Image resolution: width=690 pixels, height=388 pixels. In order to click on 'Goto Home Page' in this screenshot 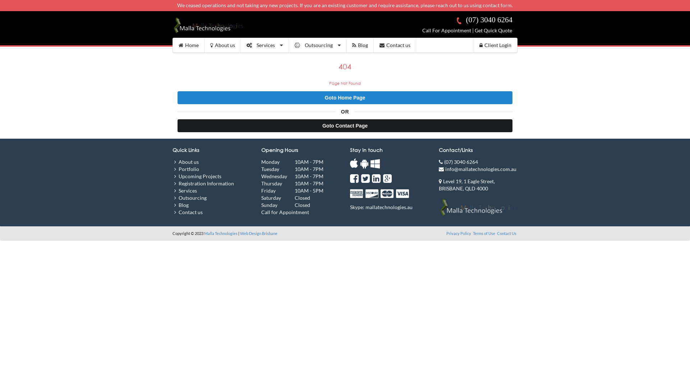, I will do `click(345, 98)`.